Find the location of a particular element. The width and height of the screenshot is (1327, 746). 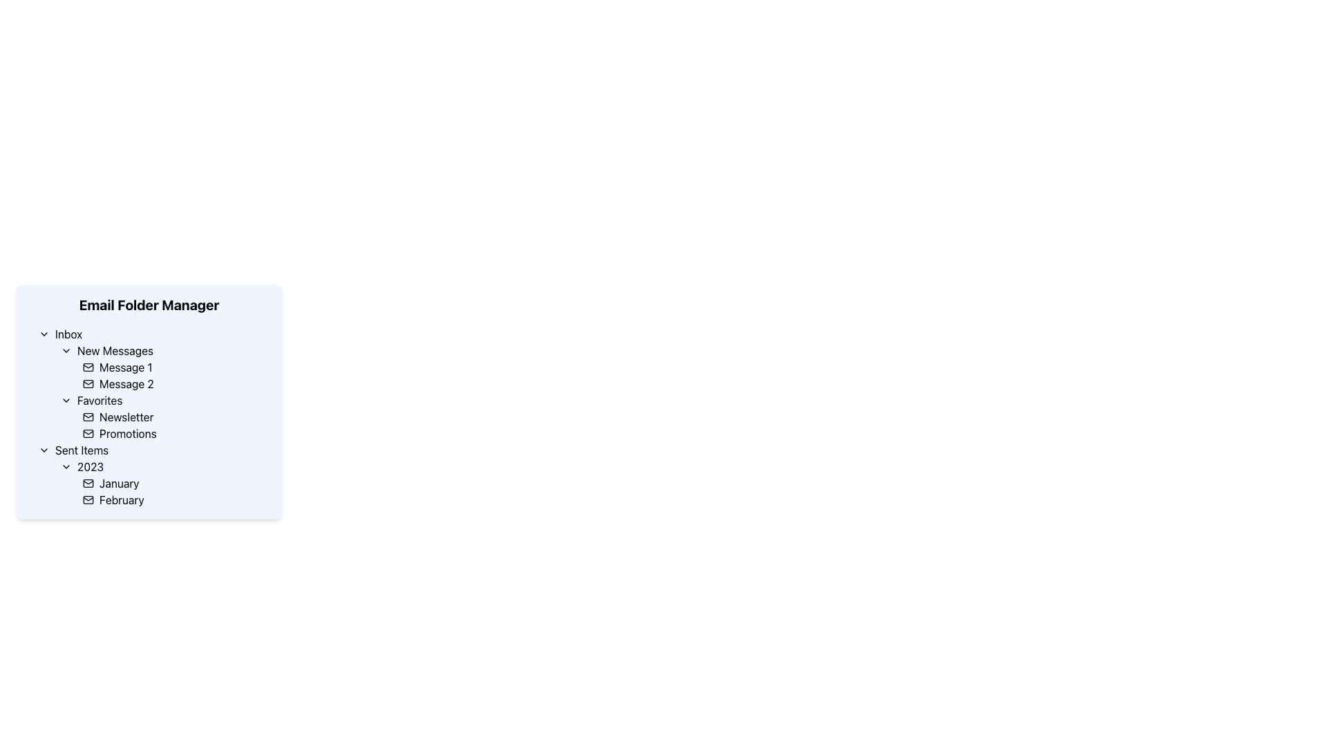

text header 'Email Folder Manager' which is styled in bold, extra-large font and located at the top of the blue-shaded rectangular layout is located at coordinates (149, 305).